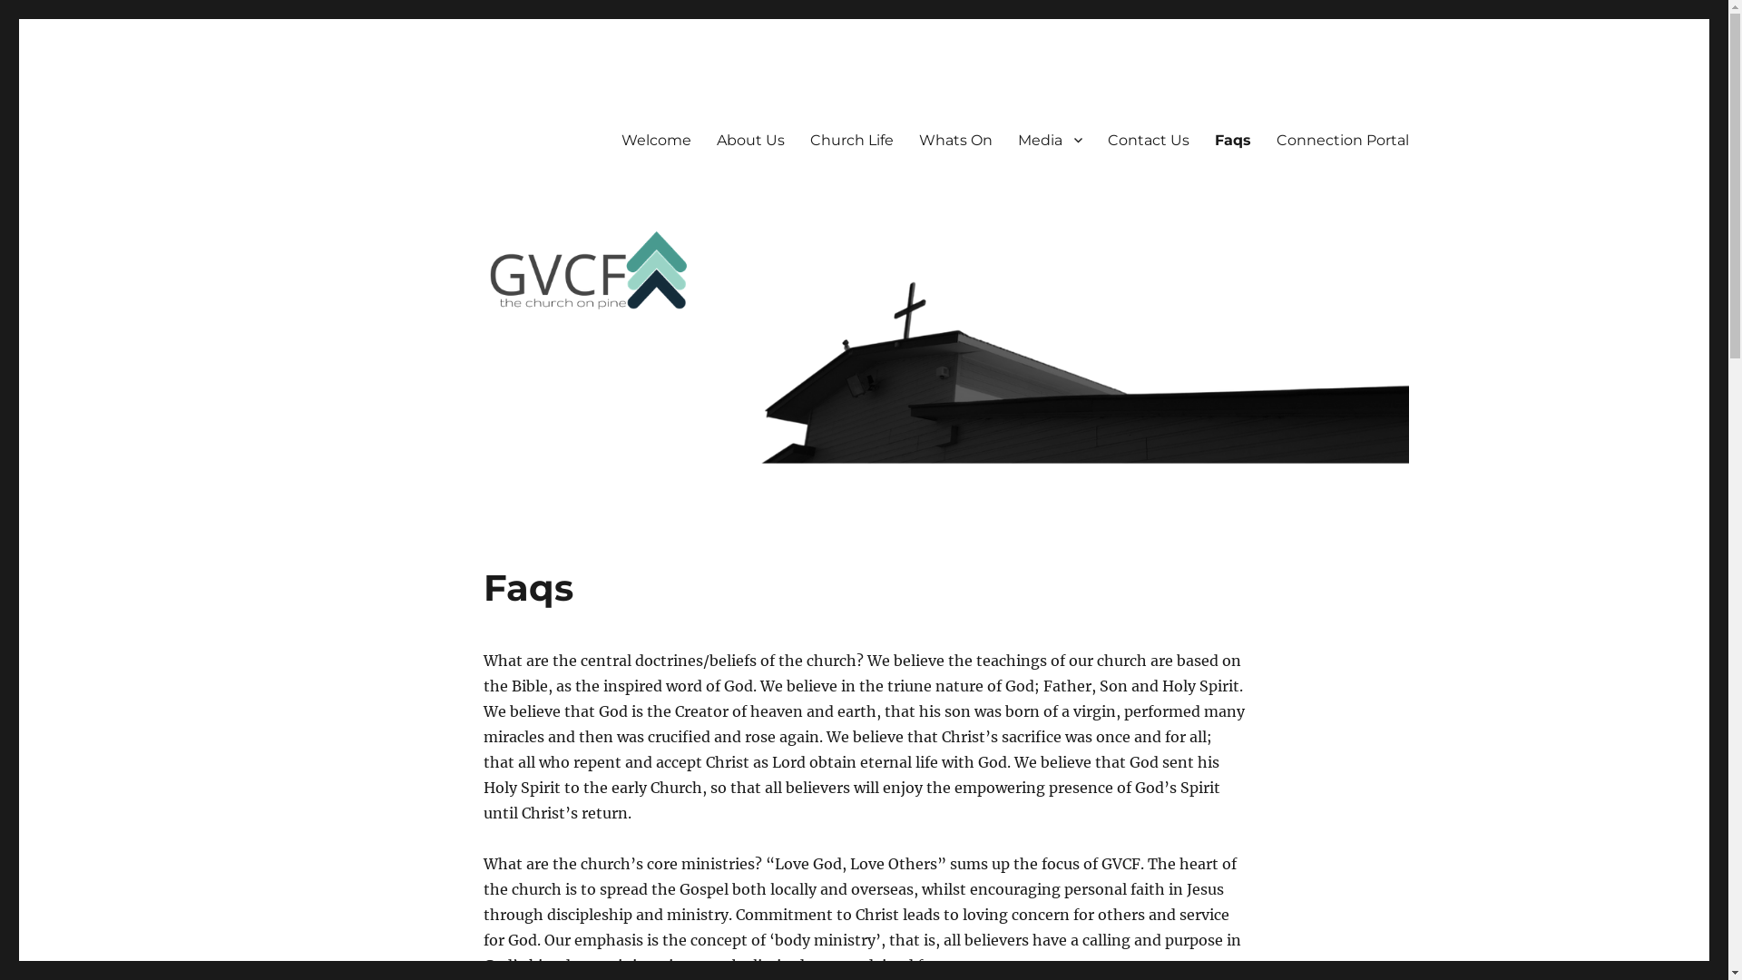  What do you see at coordinates (849, 139) in the screenshot?
I see `'Church Life'` at bounding box center [849, 139].